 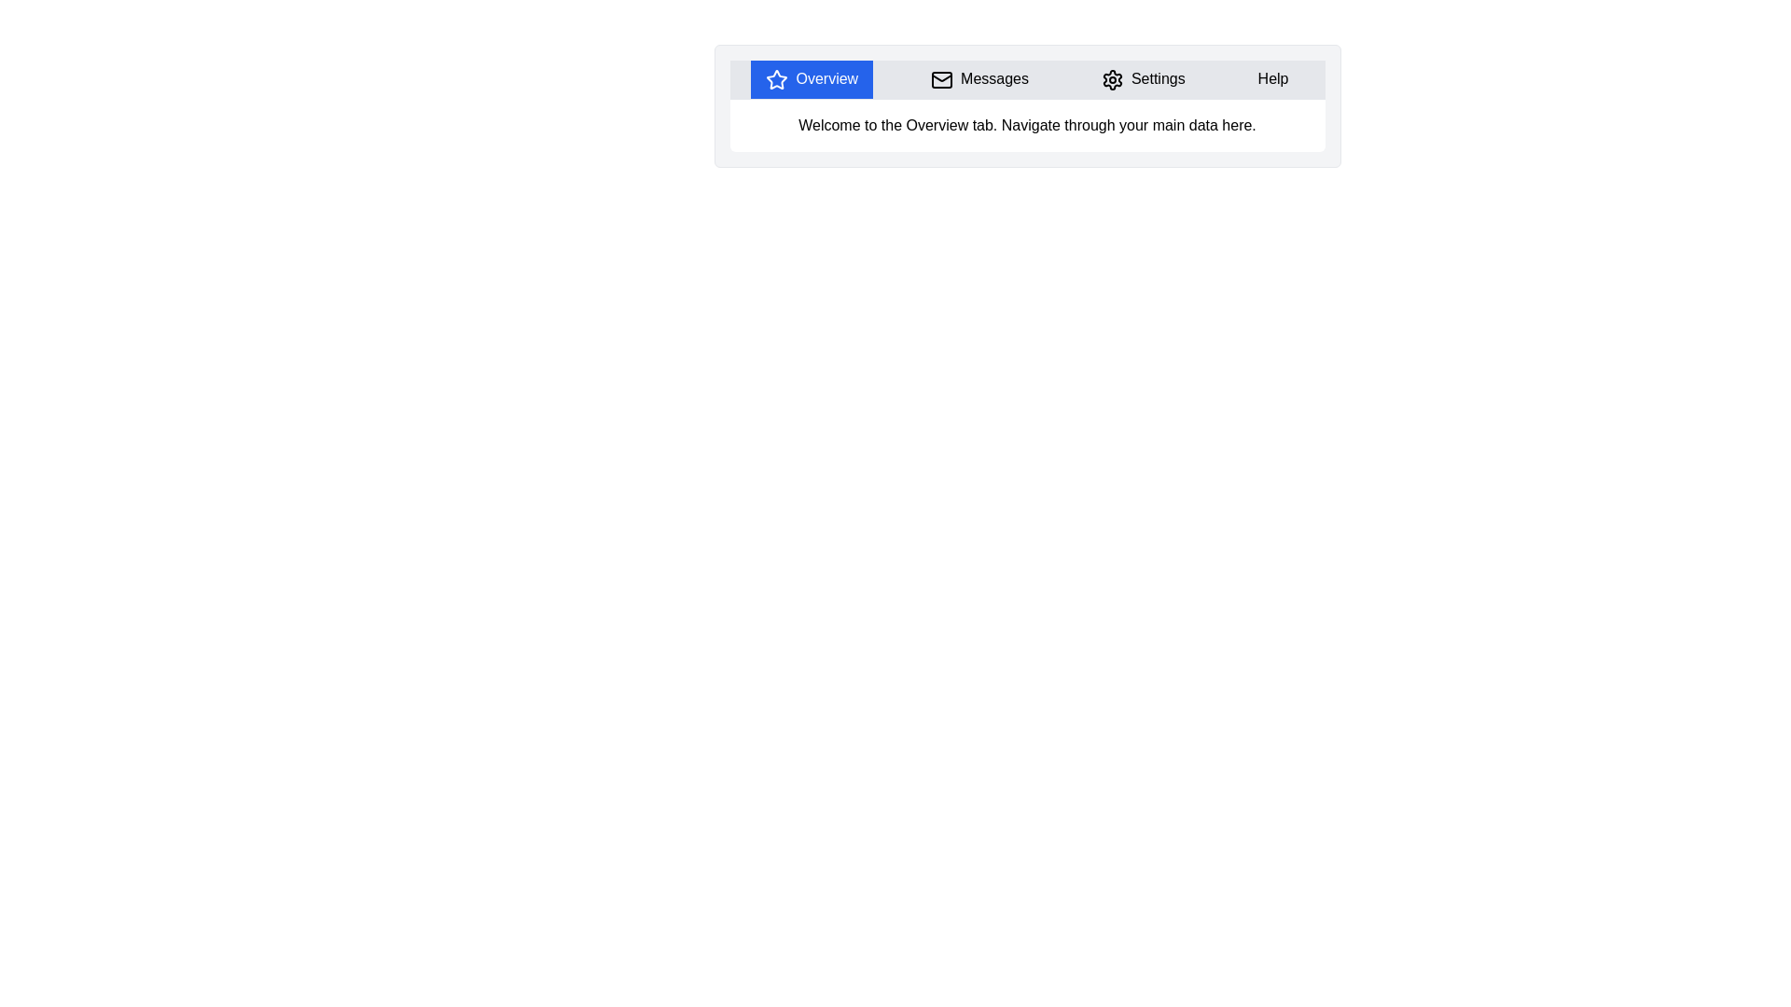 What do you see at coordinates (1142, 78) in the screenshot?
I see `the tab labeled Settings by clicking its header` at bounding box center [1142, 78].